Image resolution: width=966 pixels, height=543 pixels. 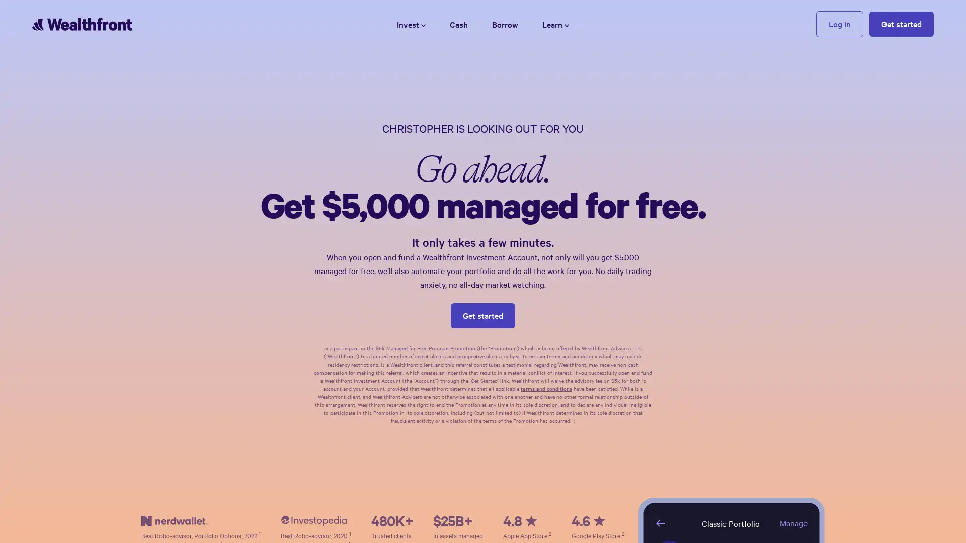 I want to click on Invest, so click(x=411, y=23).